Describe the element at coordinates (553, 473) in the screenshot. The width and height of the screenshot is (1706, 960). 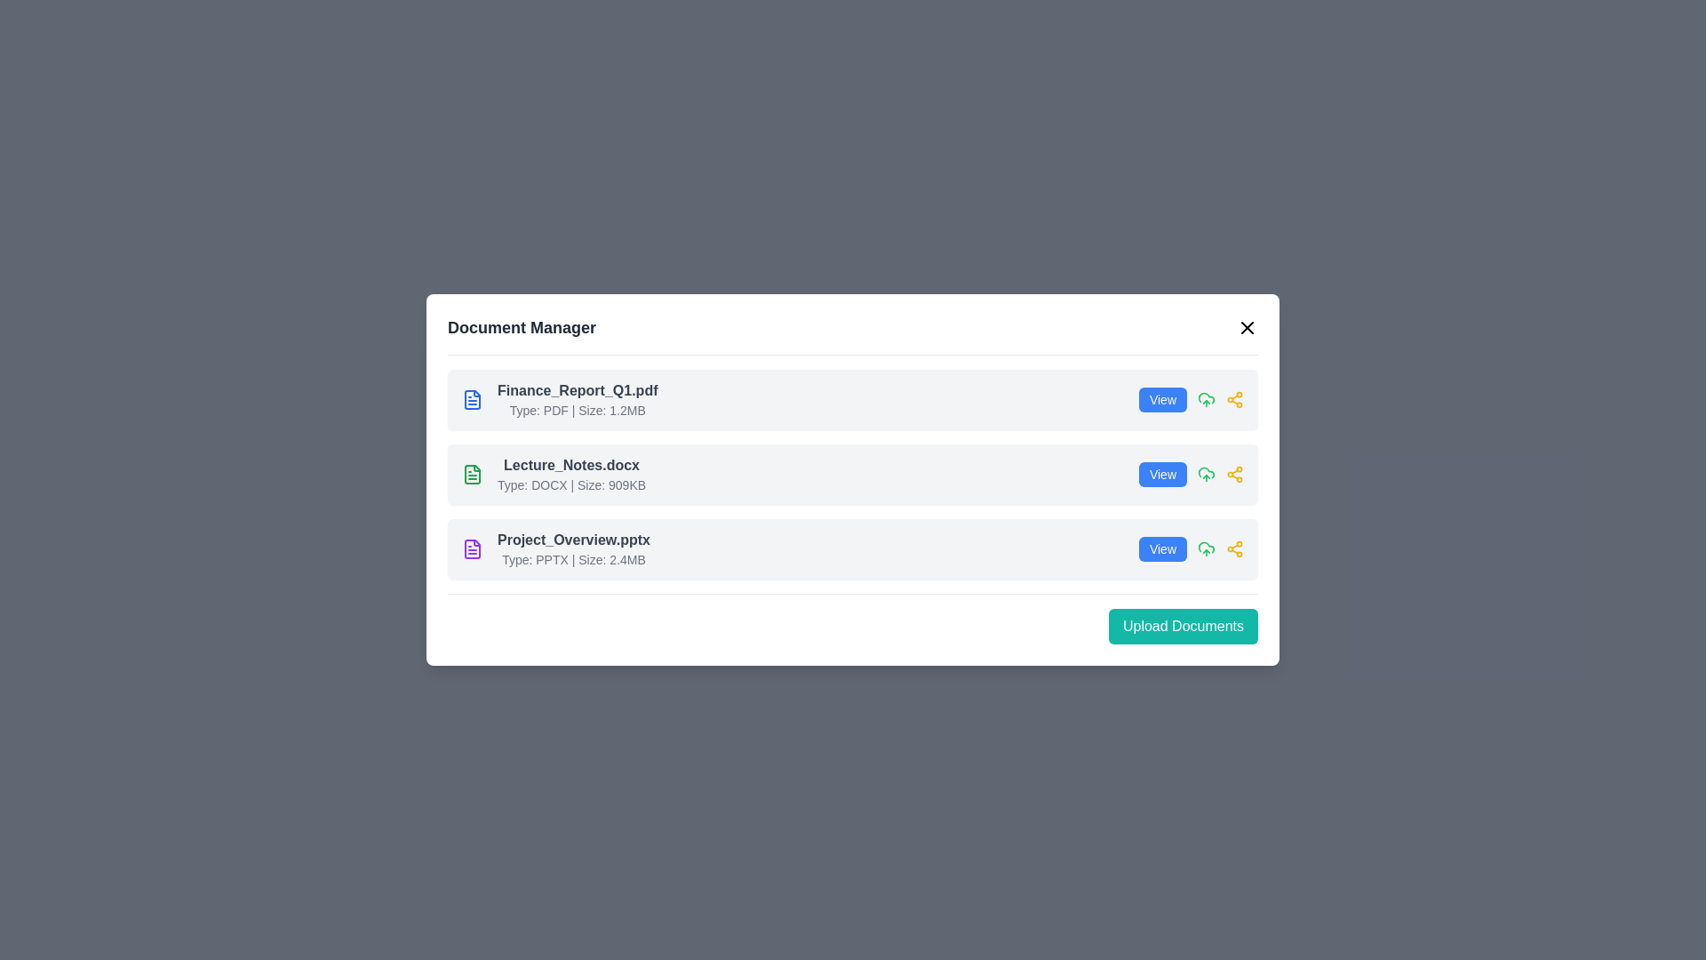
I see `the File item titled 'Lecture_Notes.docx' with a green document icon` at that location.